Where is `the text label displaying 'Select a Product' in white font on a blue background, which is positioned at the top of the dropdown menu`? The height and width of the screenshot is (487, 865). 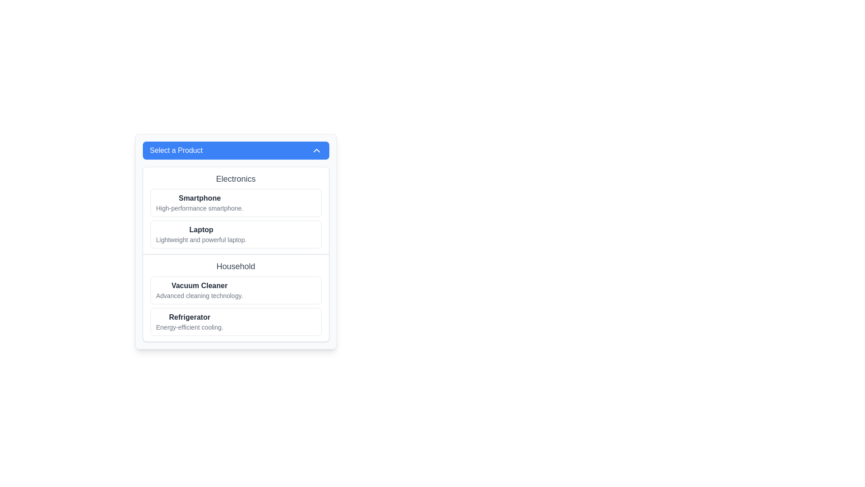
the text label displaying 'Select a Product' in white font on a blue background, which is positioned at the top of the dropdown menu is located at coordinates (176, 150).